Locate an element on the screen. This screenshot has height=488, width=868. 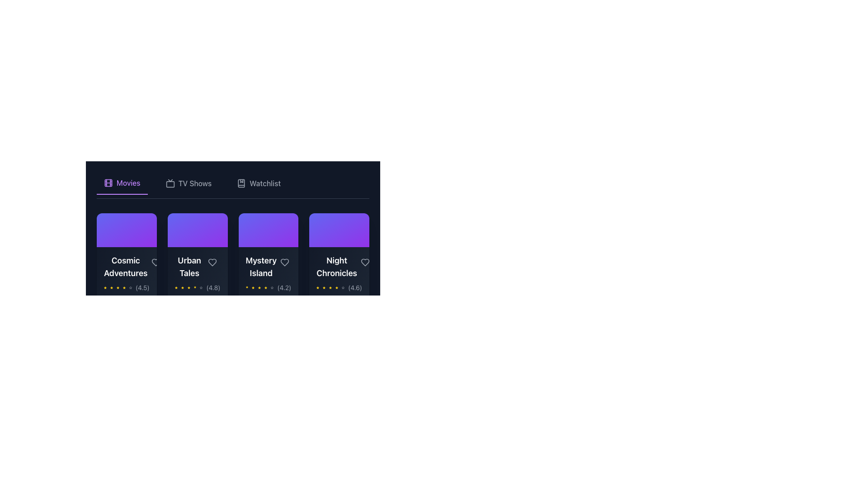
text displayed on the text label that serves as the title for the movie or item, which is the primary heading within its card, located third from the left in a horizontal list of movie titles is located at coordinates (268, 266).